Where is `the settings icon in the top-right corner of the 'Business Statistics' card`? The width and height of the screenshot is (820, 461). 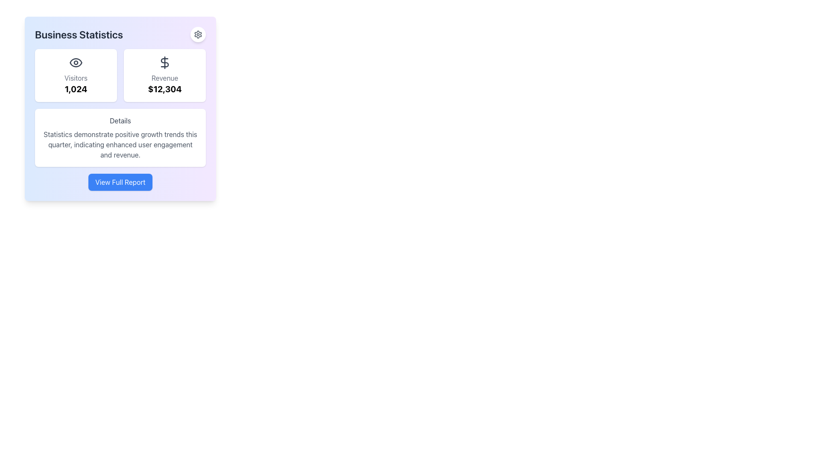 the settings icon in the top-right corner of the 'Business Statistics' card is located at coordinates (198, 34).